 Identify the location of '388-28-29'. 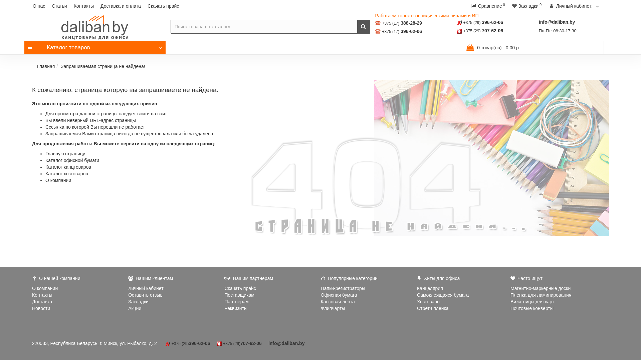
(411, 23).